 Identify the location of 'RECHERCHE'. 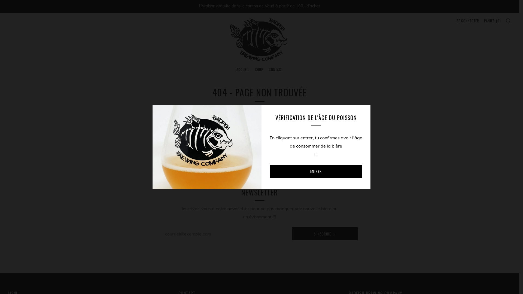
(508, 20).